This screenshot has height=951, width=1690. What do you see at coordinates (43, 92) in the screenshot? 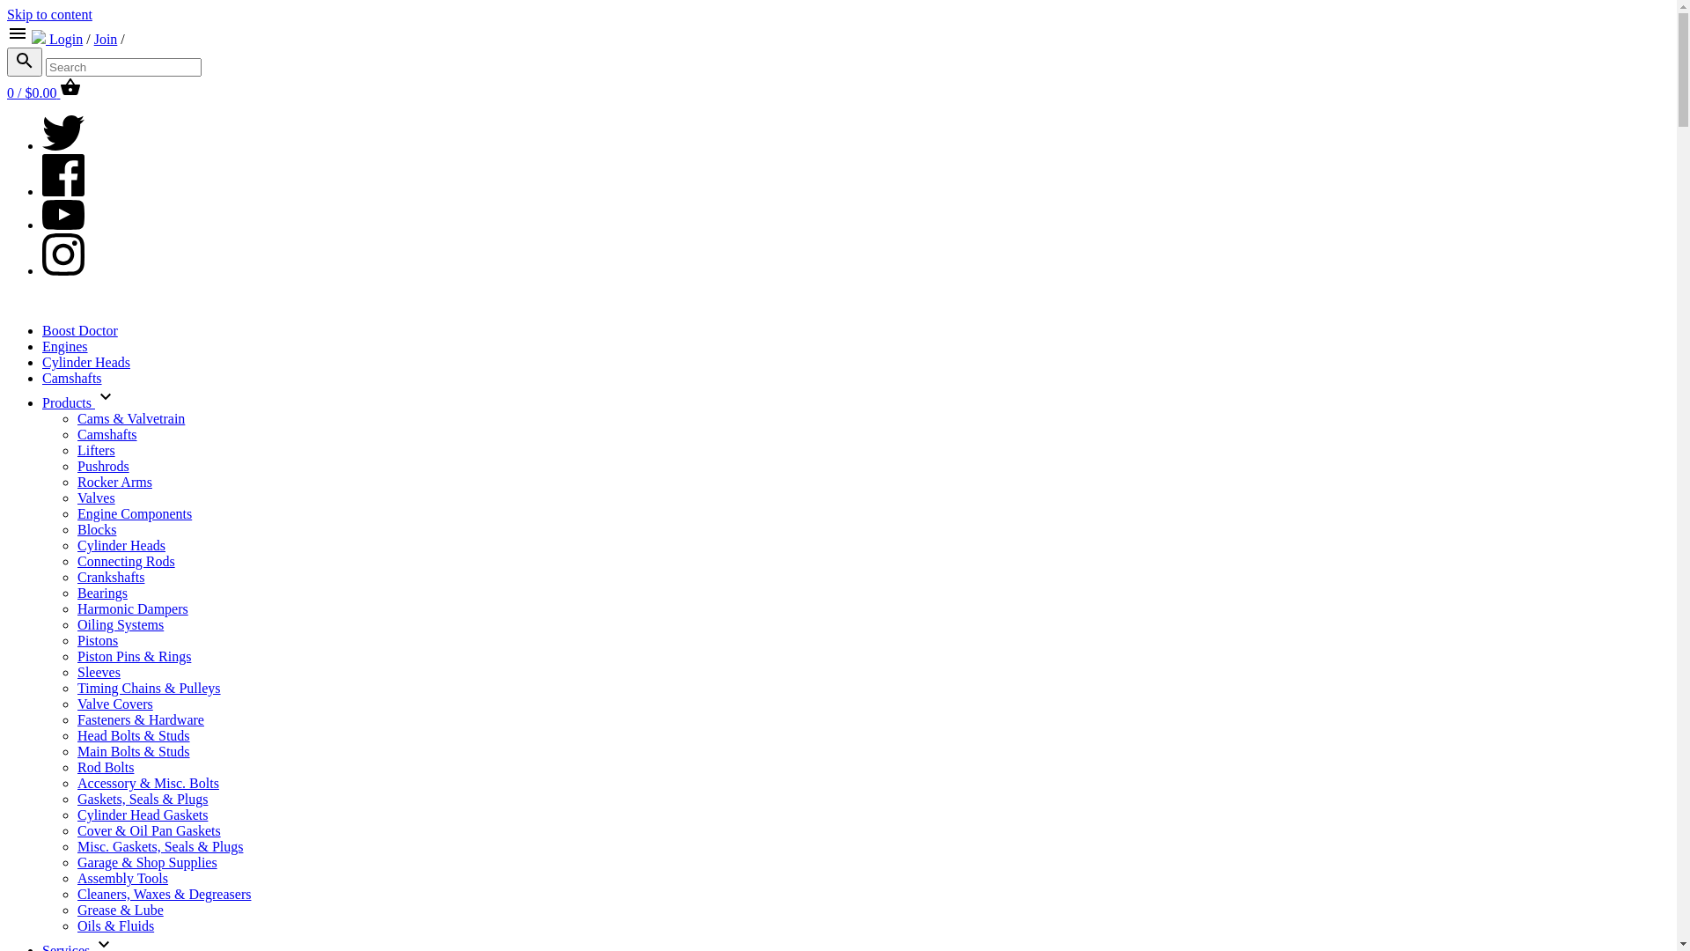
I see `'0 / $0.00 Cart'` at bounding box center [43, 92].